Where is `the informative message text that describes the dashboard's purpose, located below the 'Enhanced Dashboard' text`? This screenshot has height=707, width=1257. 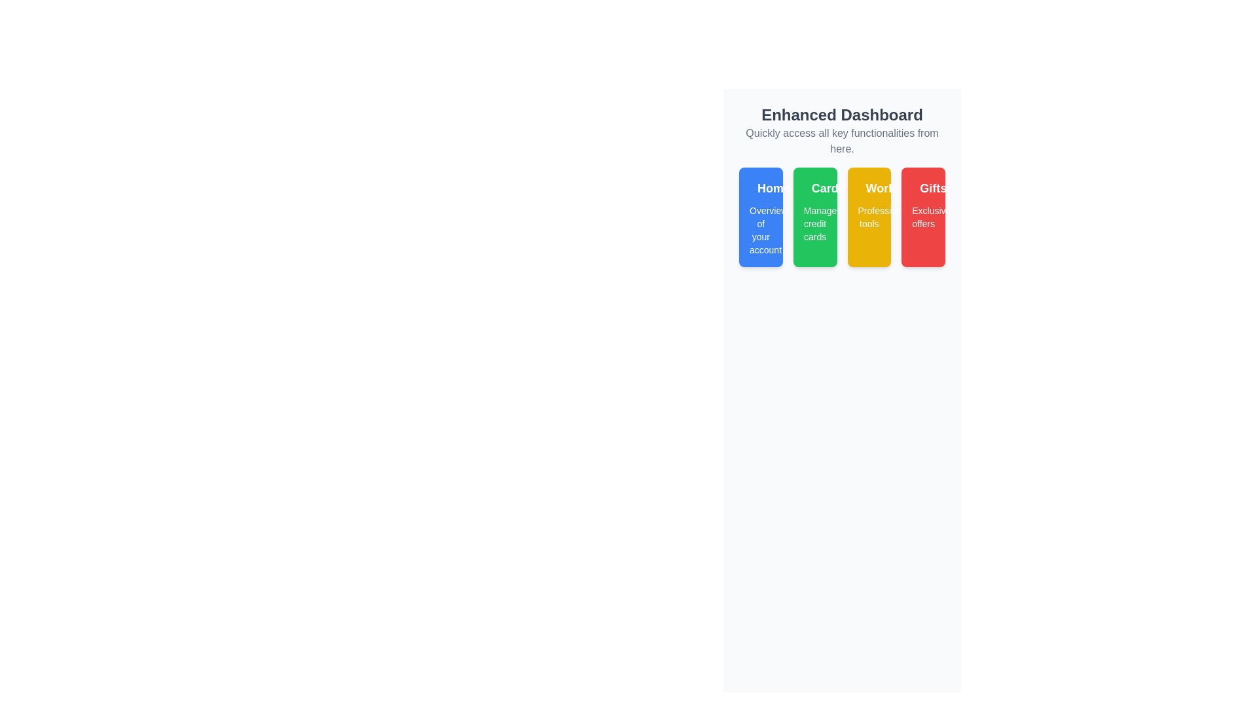 the informative message text that describes the dashboard's purpose, located below the 'Enhanced Dashboard' text is located at coordinates (842, 141).